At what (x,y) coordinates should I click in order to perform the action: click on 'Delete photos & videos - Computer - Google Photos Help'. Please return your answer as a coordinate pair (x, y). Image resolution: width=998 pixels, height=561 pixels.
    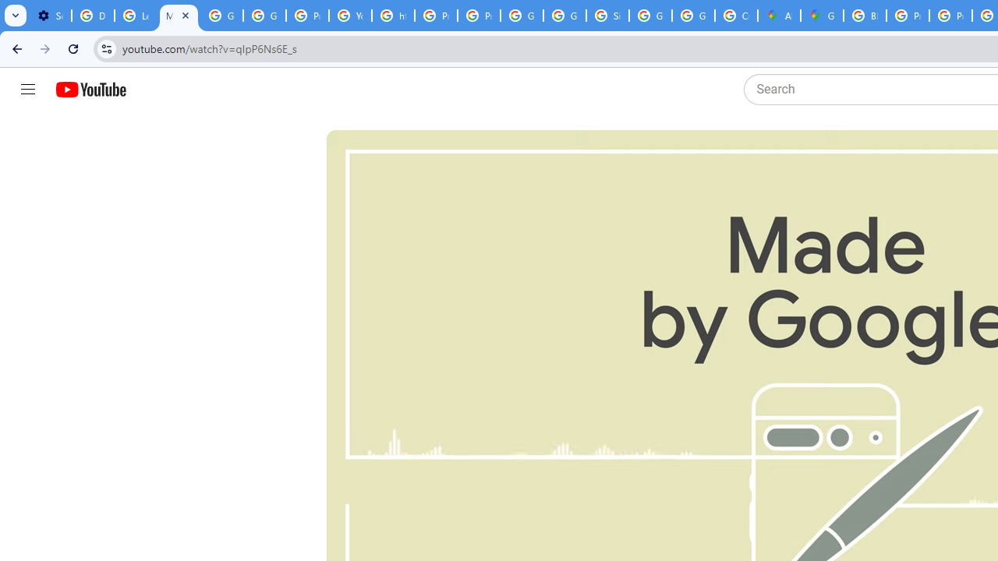
    Looking at the image, I should click on (92, 16).